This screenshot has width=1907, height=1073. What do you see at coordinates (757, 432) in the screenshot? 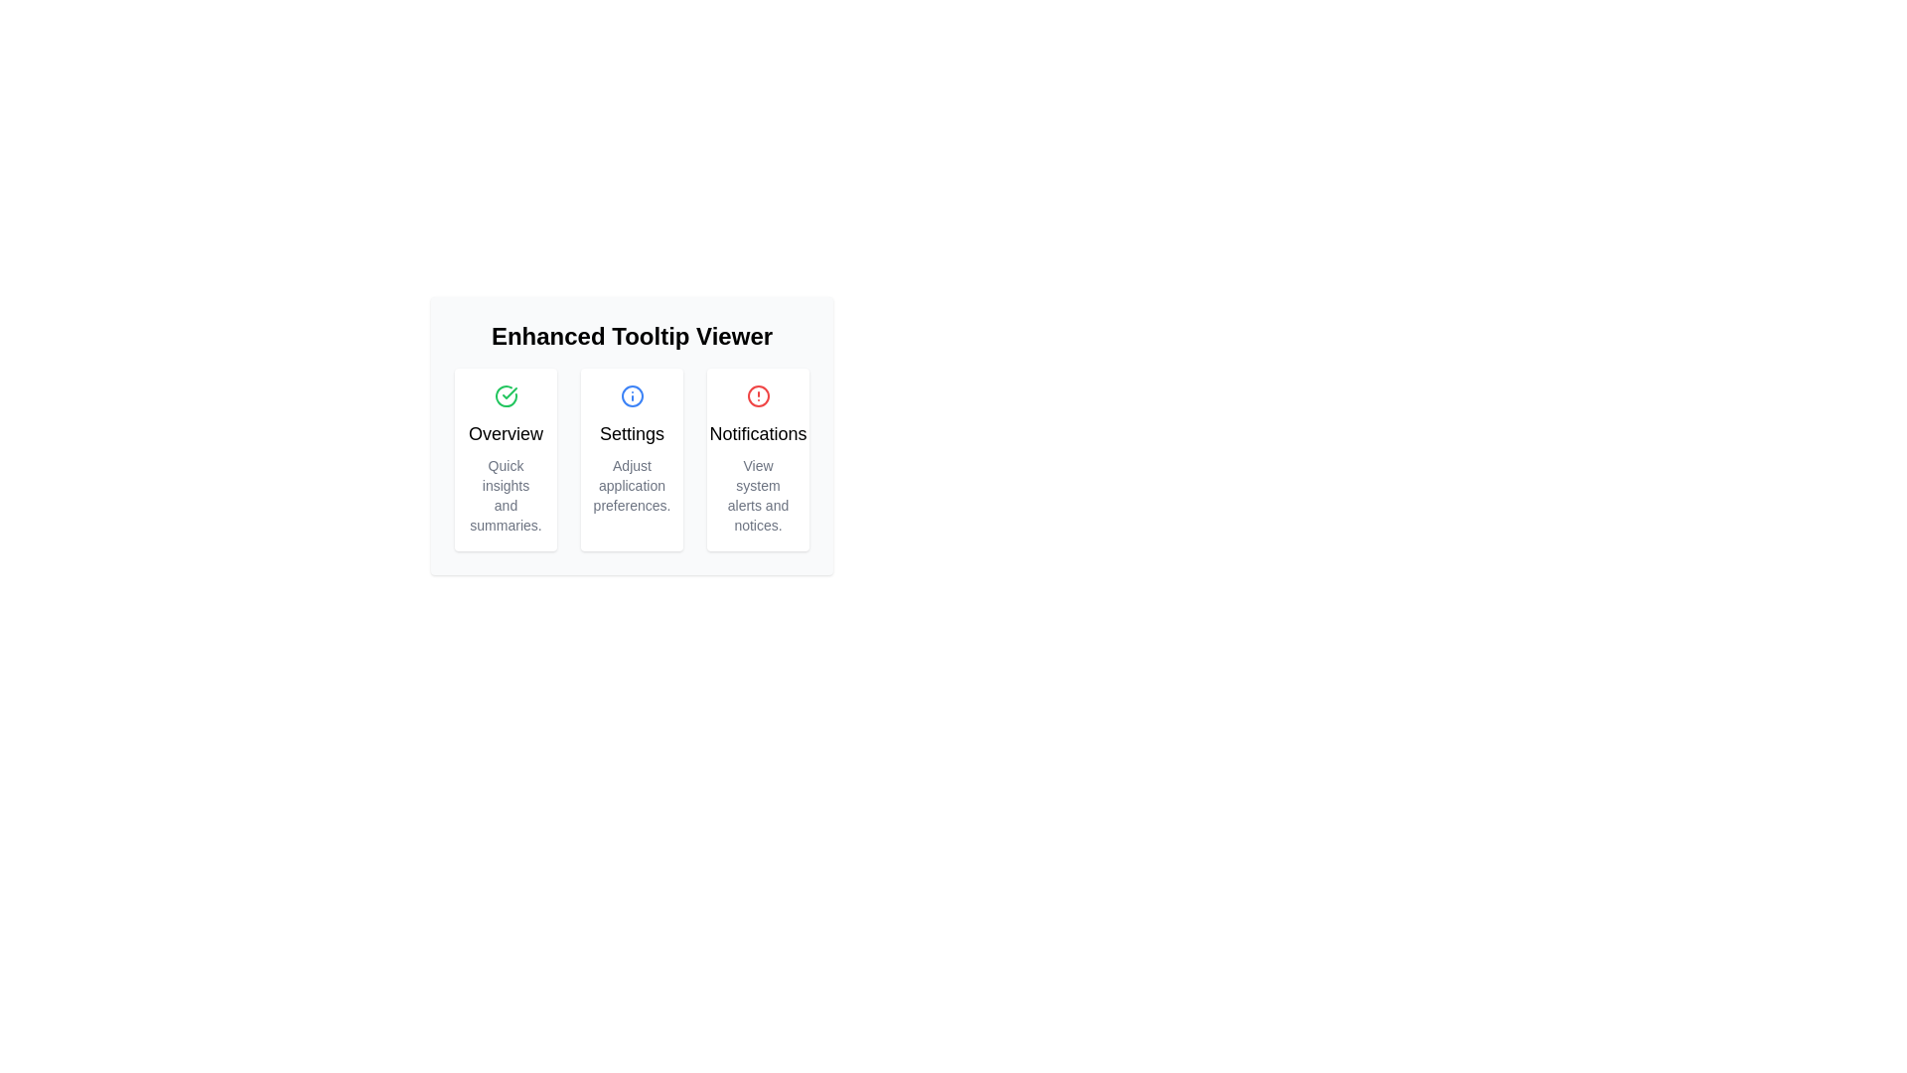
I see `the 'Notifications' text element which is the third title in a horizontal arrangement of three cards, positioned above a smaller descriptive text and to the right of the 'Settings' title` at bounding box center [757, 432].